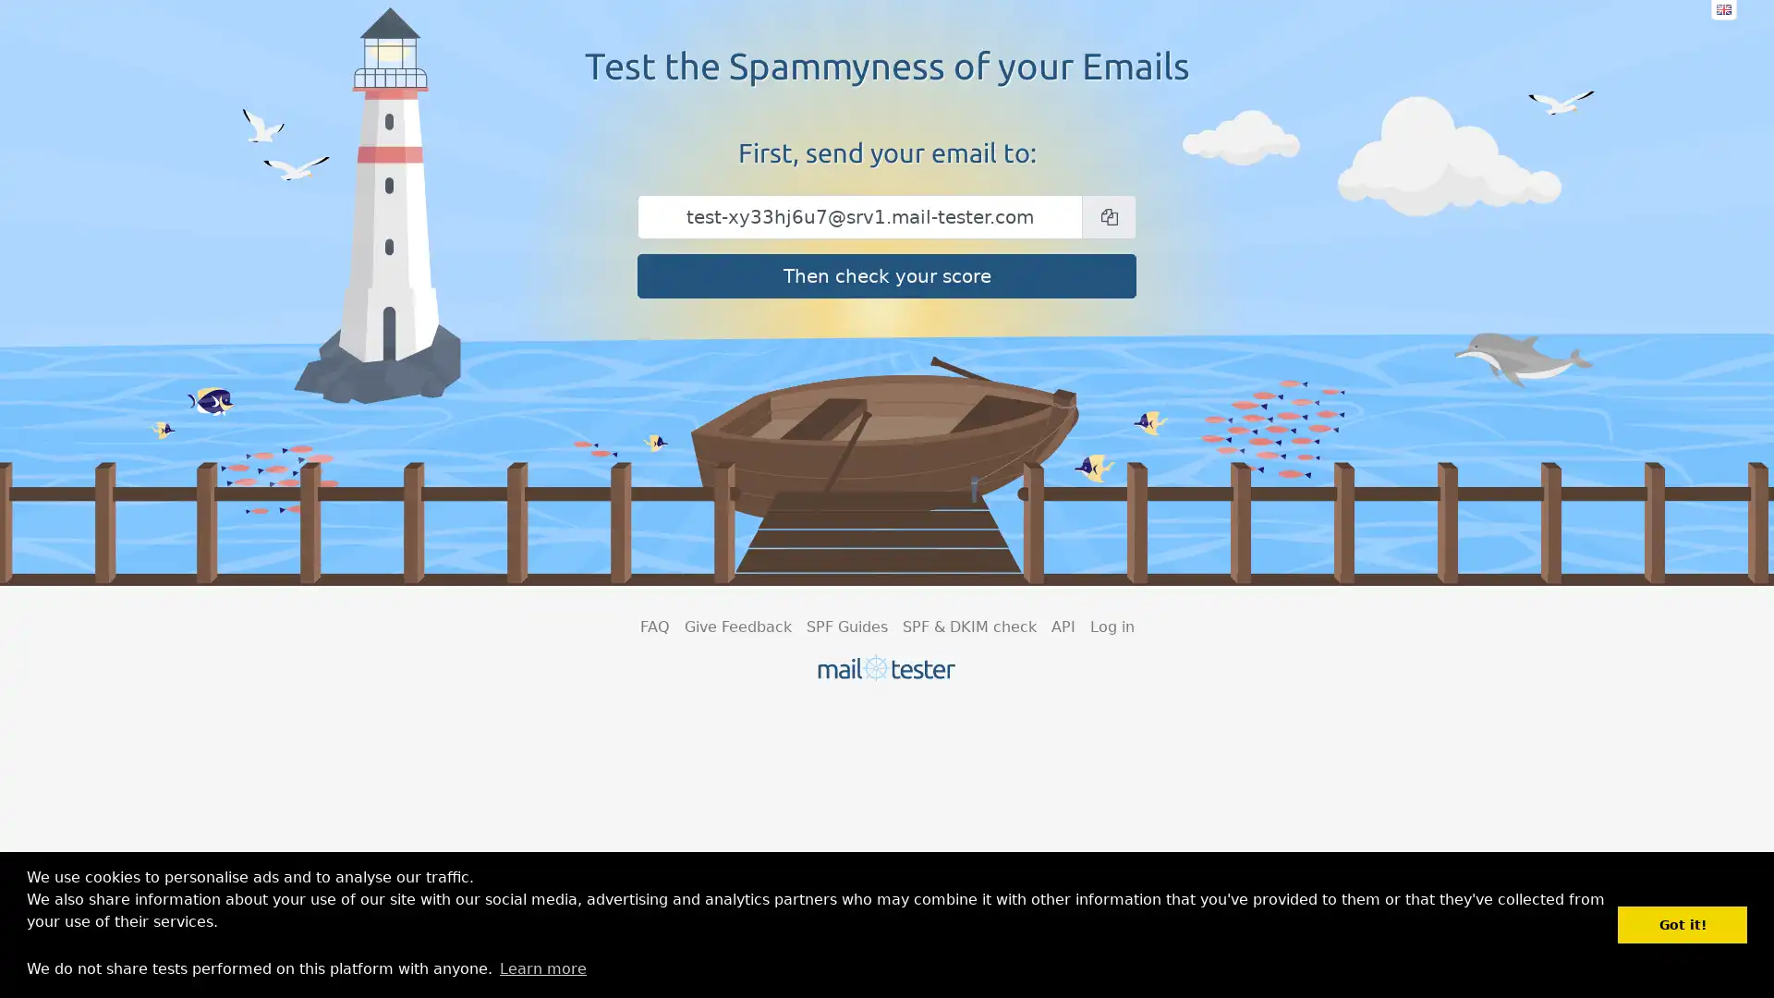 This screenshot has height=998, width=1774. I want to click on Then check your score, so click(887, 276).